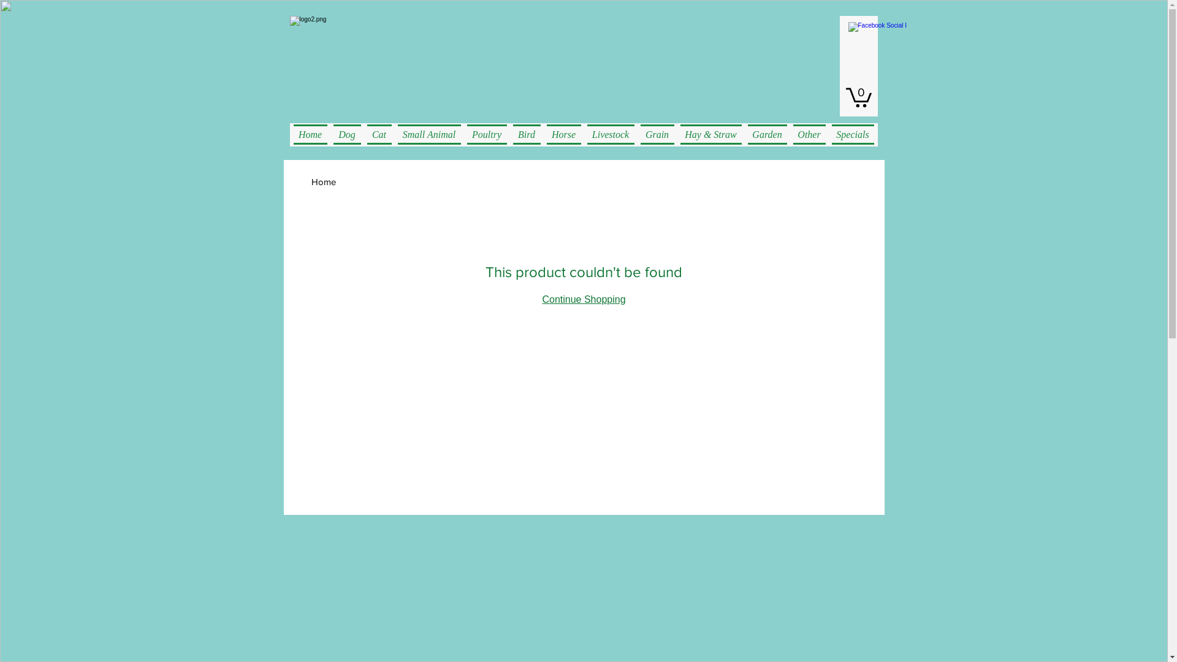 This screenshot has height=662, width=1177. What do you see at coordinates (858, 96) in the screenshot?
I see `'0'` at bounding box center [858, 96].